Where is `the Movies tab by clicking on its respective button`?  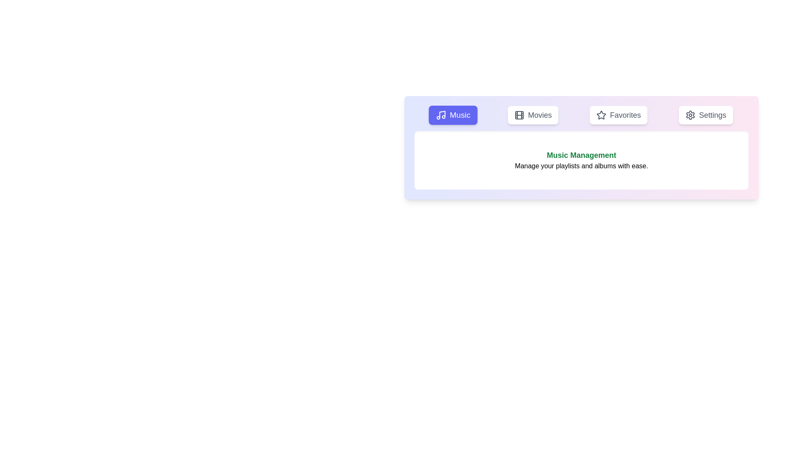 the Movies tab by clicking on its respective button is located at coordinates (533, 115).